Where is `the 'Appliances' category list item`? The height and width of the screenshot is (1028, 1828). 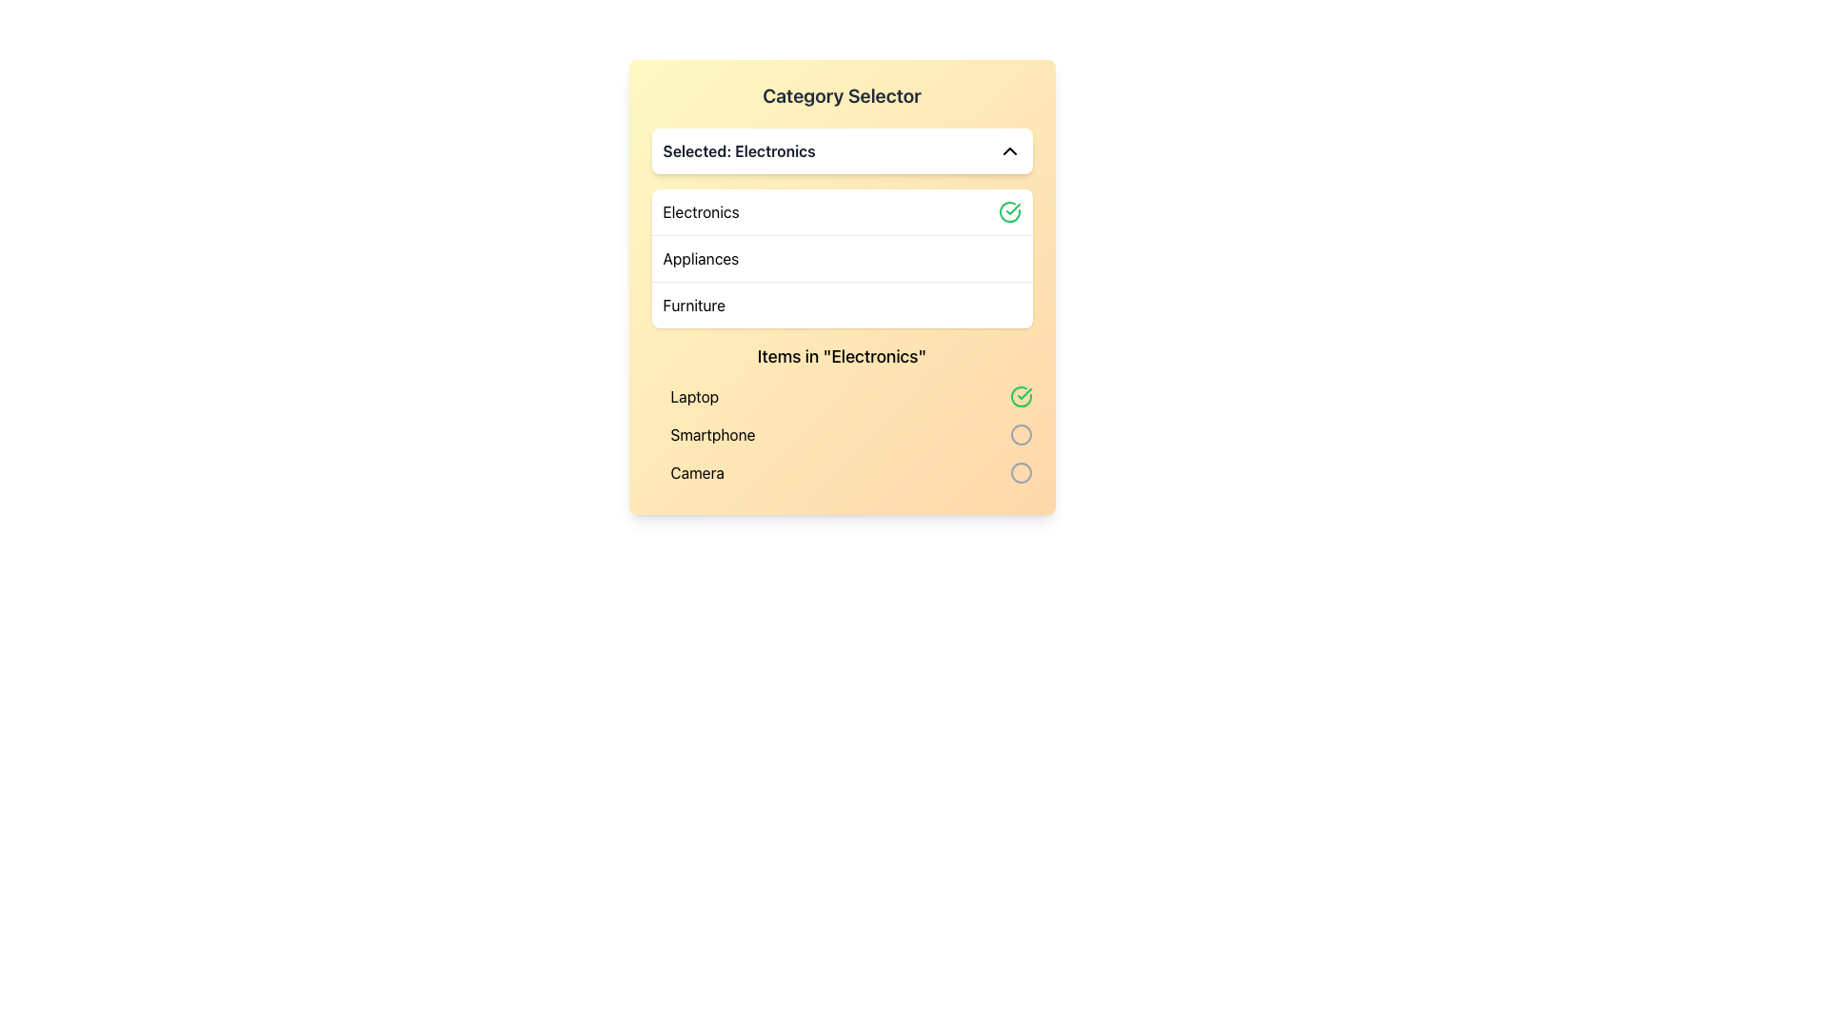 the 'Appliances' category list item is located at coordinates (841, 259).